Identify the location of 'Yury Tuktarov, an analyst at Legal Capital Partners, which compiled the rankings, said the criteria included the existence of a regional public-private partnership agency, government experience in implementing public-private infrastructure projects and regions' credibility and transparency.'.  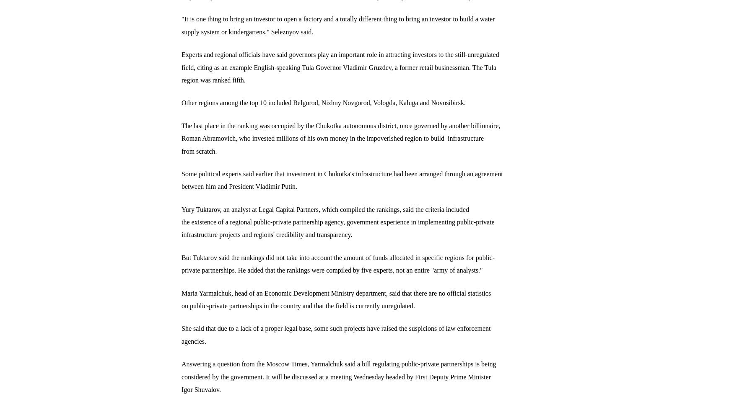
(181, 221).